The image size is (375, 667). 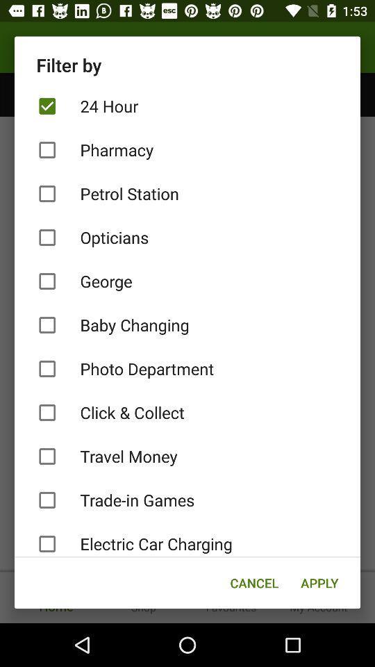 I want to click on icon below the electric car charging, so click(x=319, y=583).